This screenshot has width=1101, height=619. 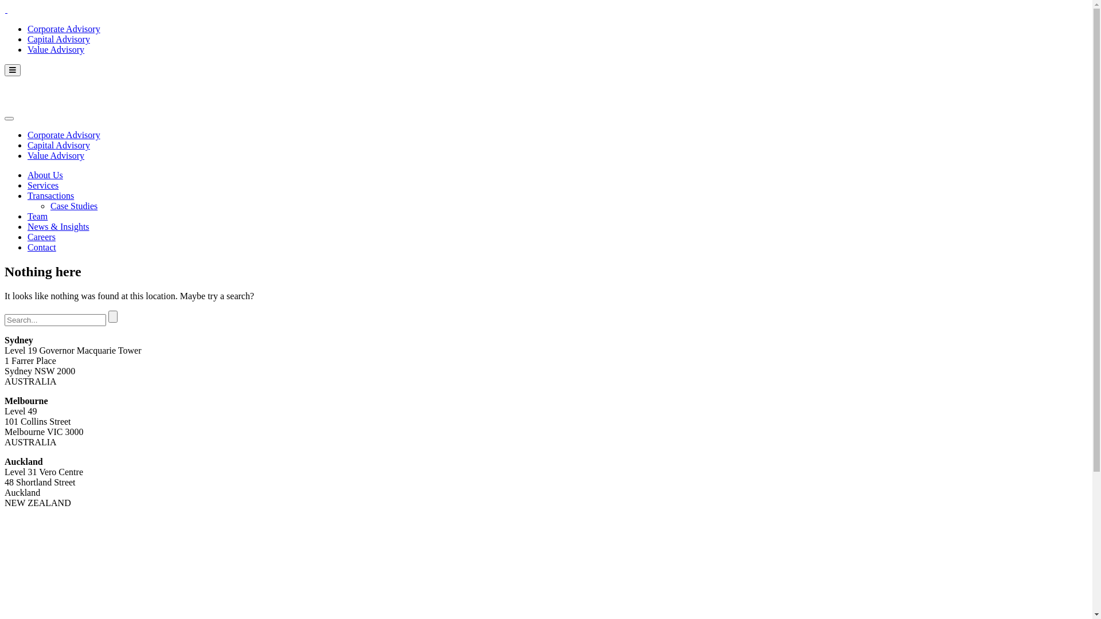 What do you see at coordinates (50, 195) in the screenshot?
I see `'Transactions'` at bounding box center [50, 195].